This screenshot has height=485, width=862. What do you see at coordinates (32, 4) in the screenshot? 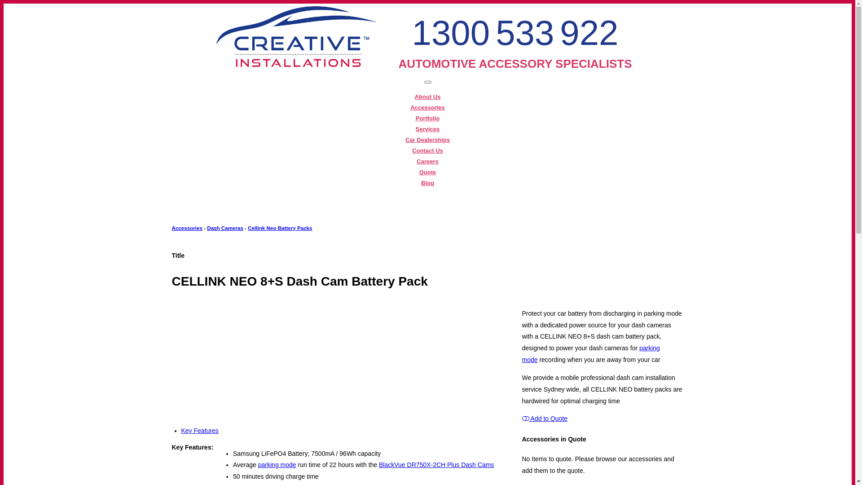
I see `'Skip to main content'` at bounding box center [32, 4].